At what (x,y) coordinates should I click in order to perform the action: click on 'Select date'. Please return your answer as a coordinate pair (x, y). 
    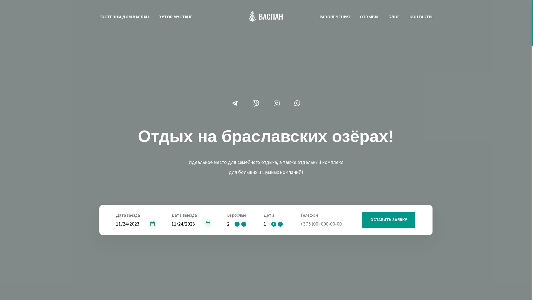
    Looking at the image, I should click on (152, 223).